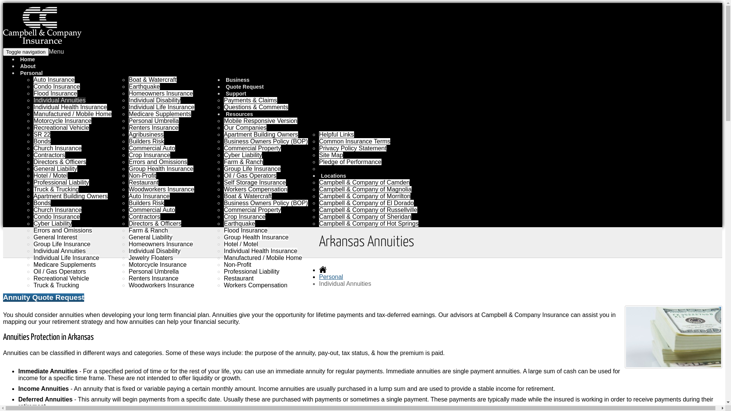 This screenshot has height=411, width=731. I want to click on 'Campbell & Company of Magnolia', so click(365, 189).